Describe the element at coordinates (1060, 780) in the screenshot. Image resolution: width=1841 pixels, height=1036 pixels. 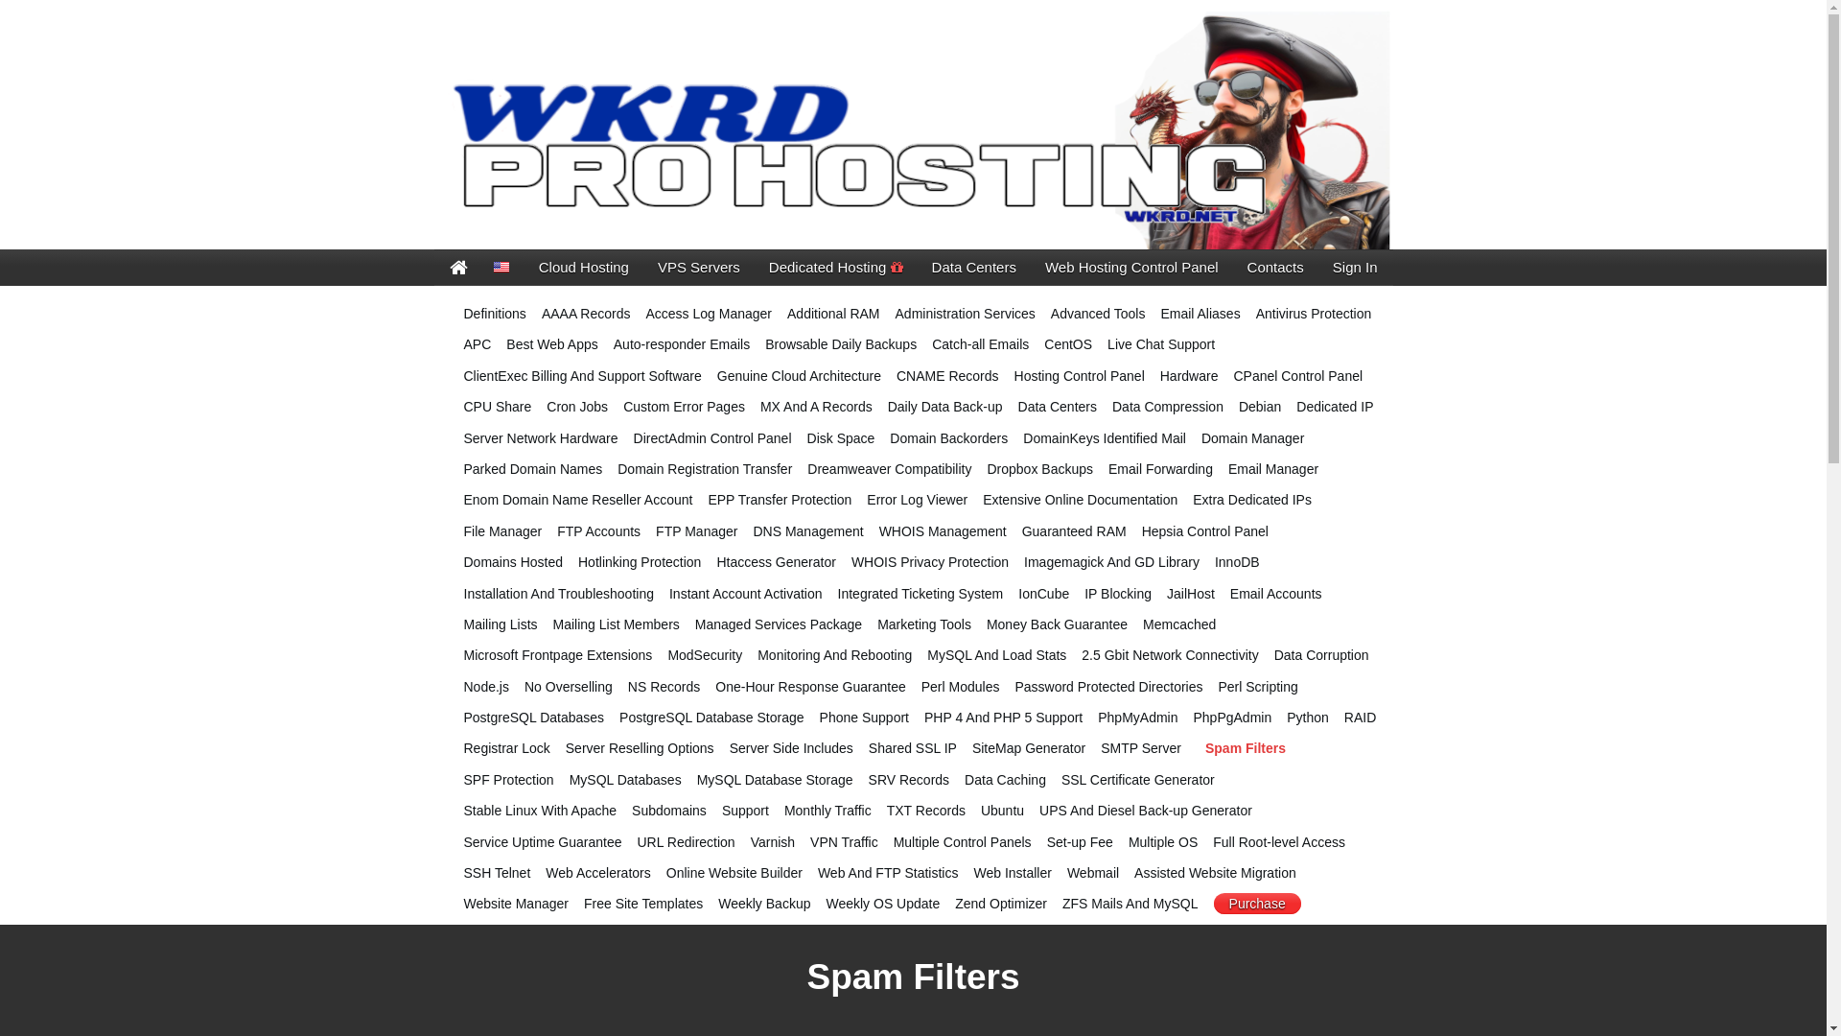
I see `'SSL Certificate Generator'` at that location.